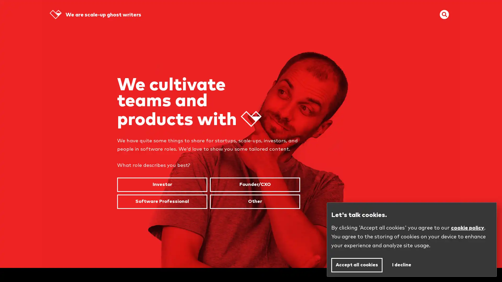 The width and height of the screenshot is (502, 282). What do you see at coordinates (162, 201) in the screenshot?
I see `Software Professional` at bounding box center [162, 201].